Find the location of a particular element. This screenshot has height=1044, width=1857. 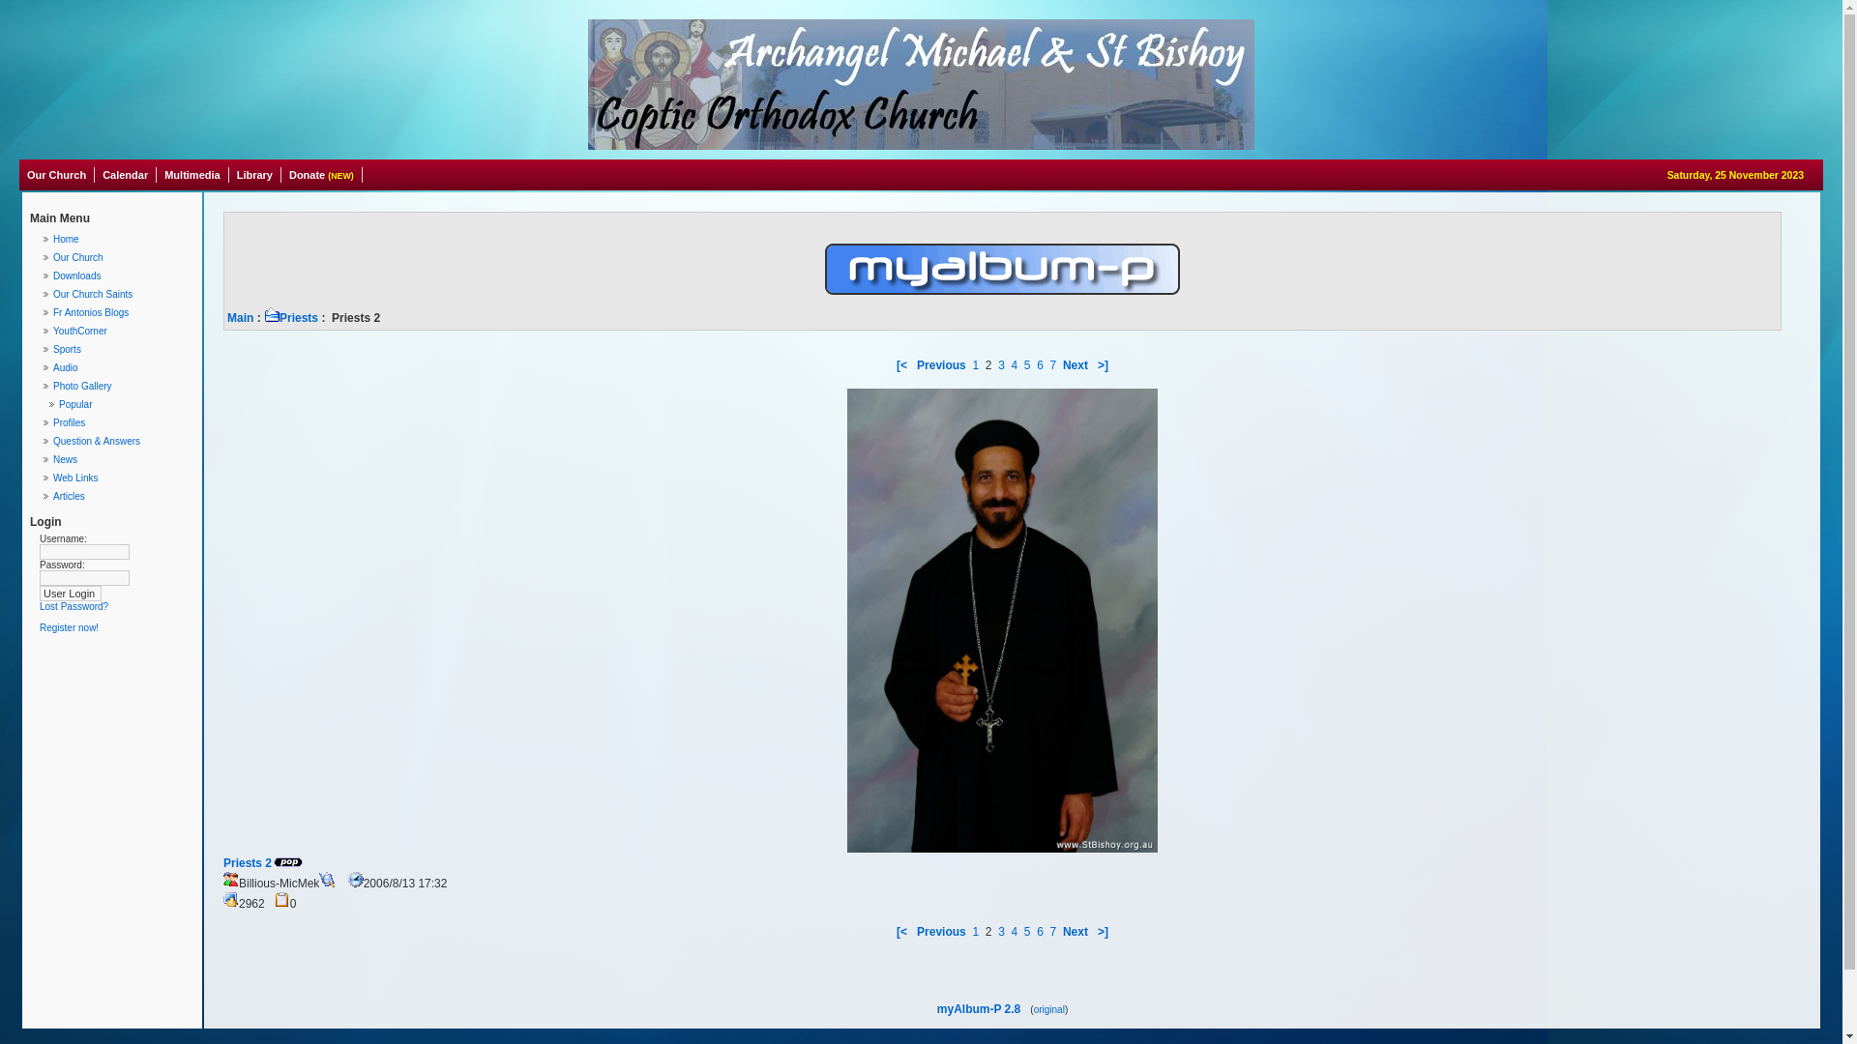

'Profiles' is located at coordinates (115, 421).